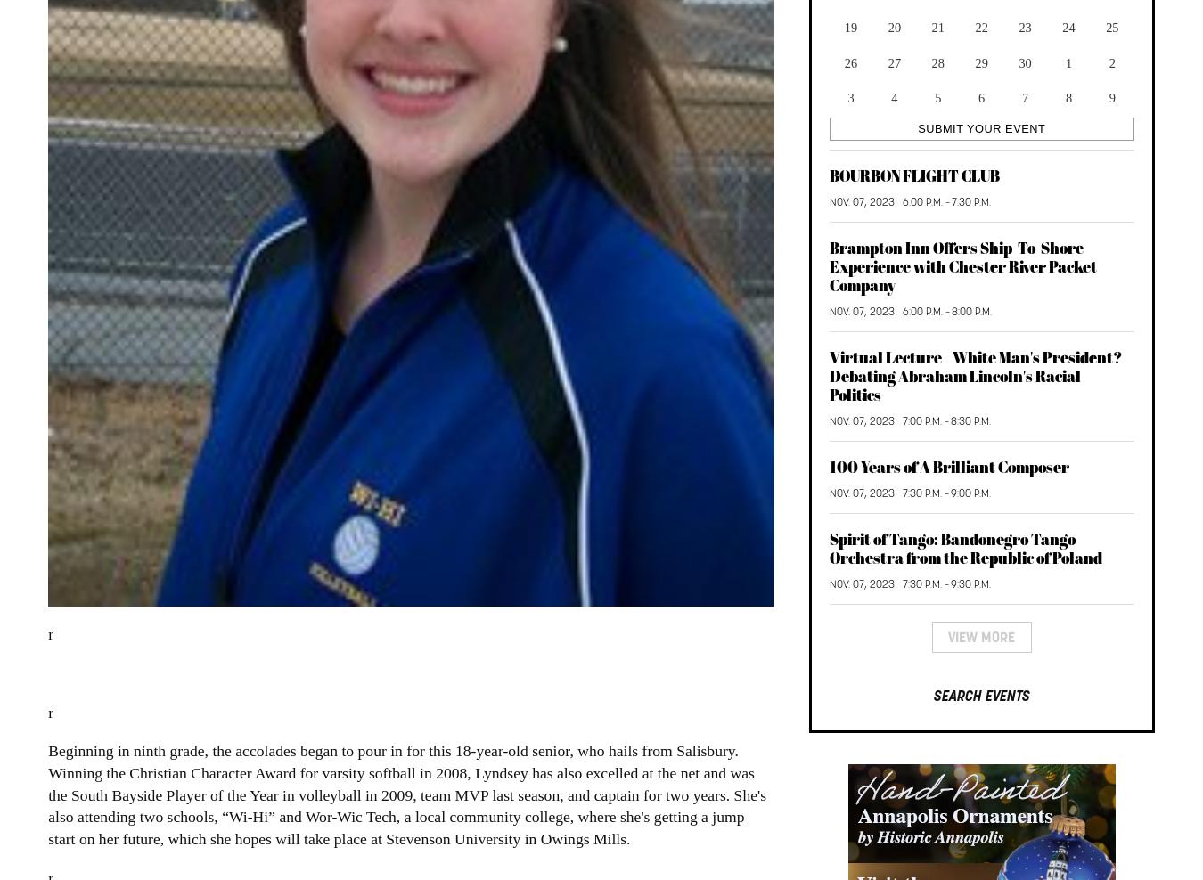 The image size is (1203, 880). I want to click on '25', so click(1111, 27).